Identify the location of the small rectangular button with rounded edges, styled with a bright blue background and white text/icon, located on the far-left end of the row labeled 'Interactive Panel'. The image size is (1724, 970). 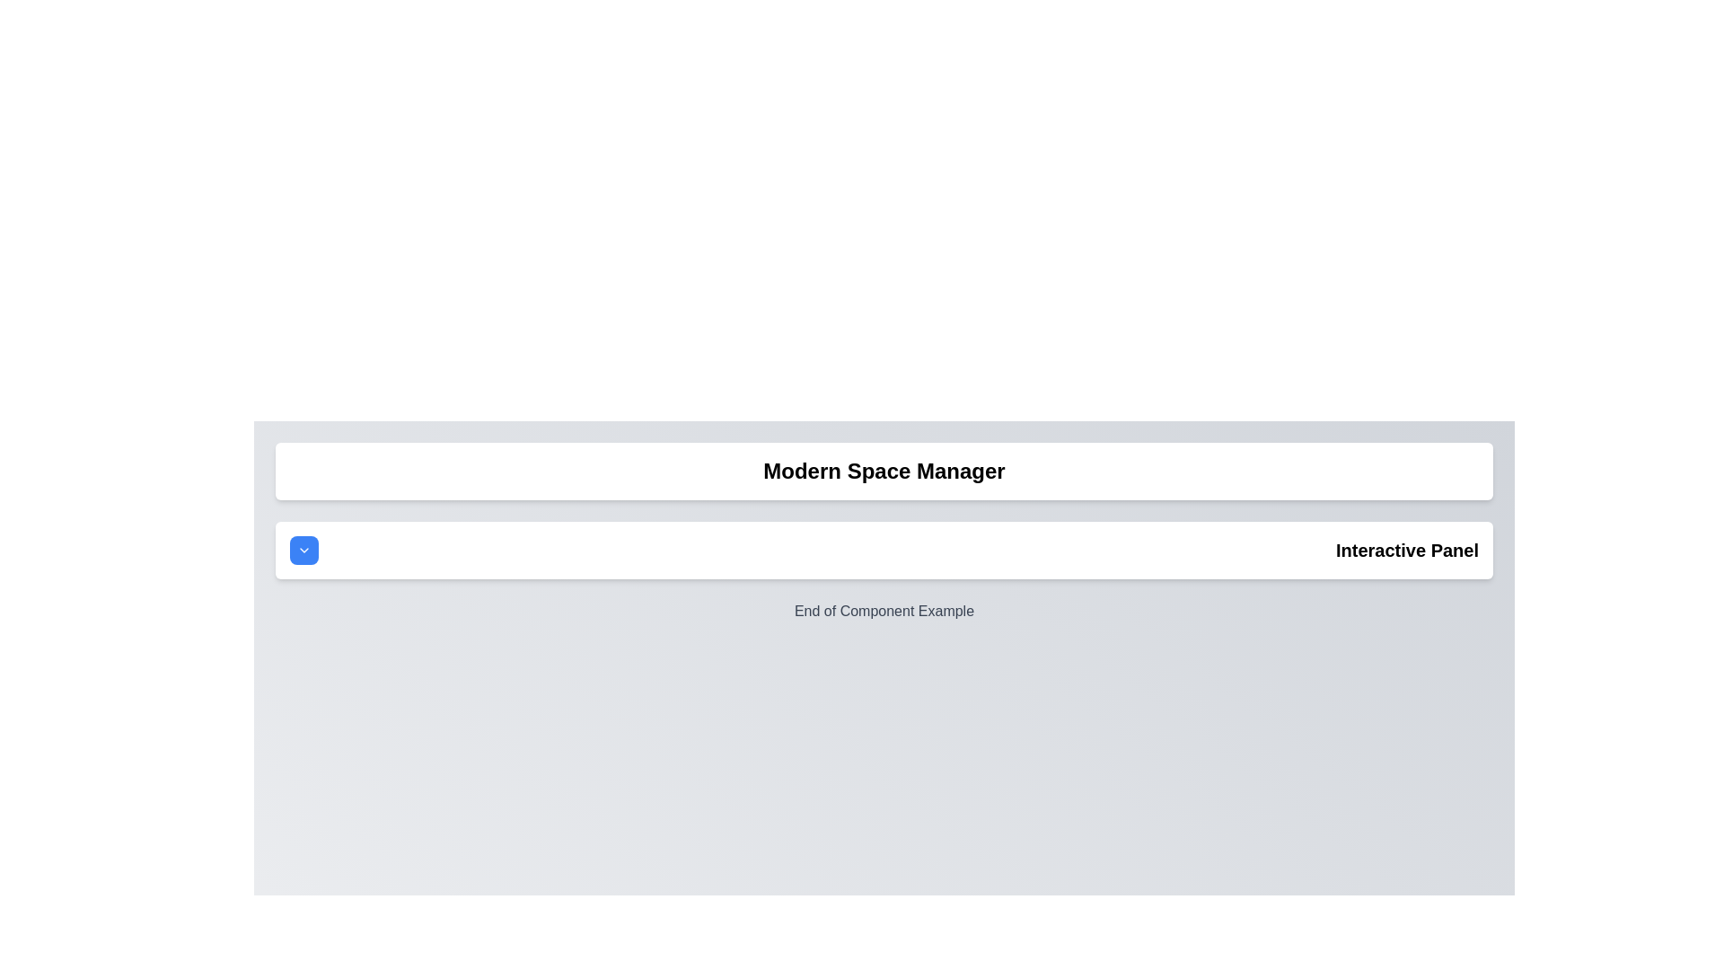
(304, 550).